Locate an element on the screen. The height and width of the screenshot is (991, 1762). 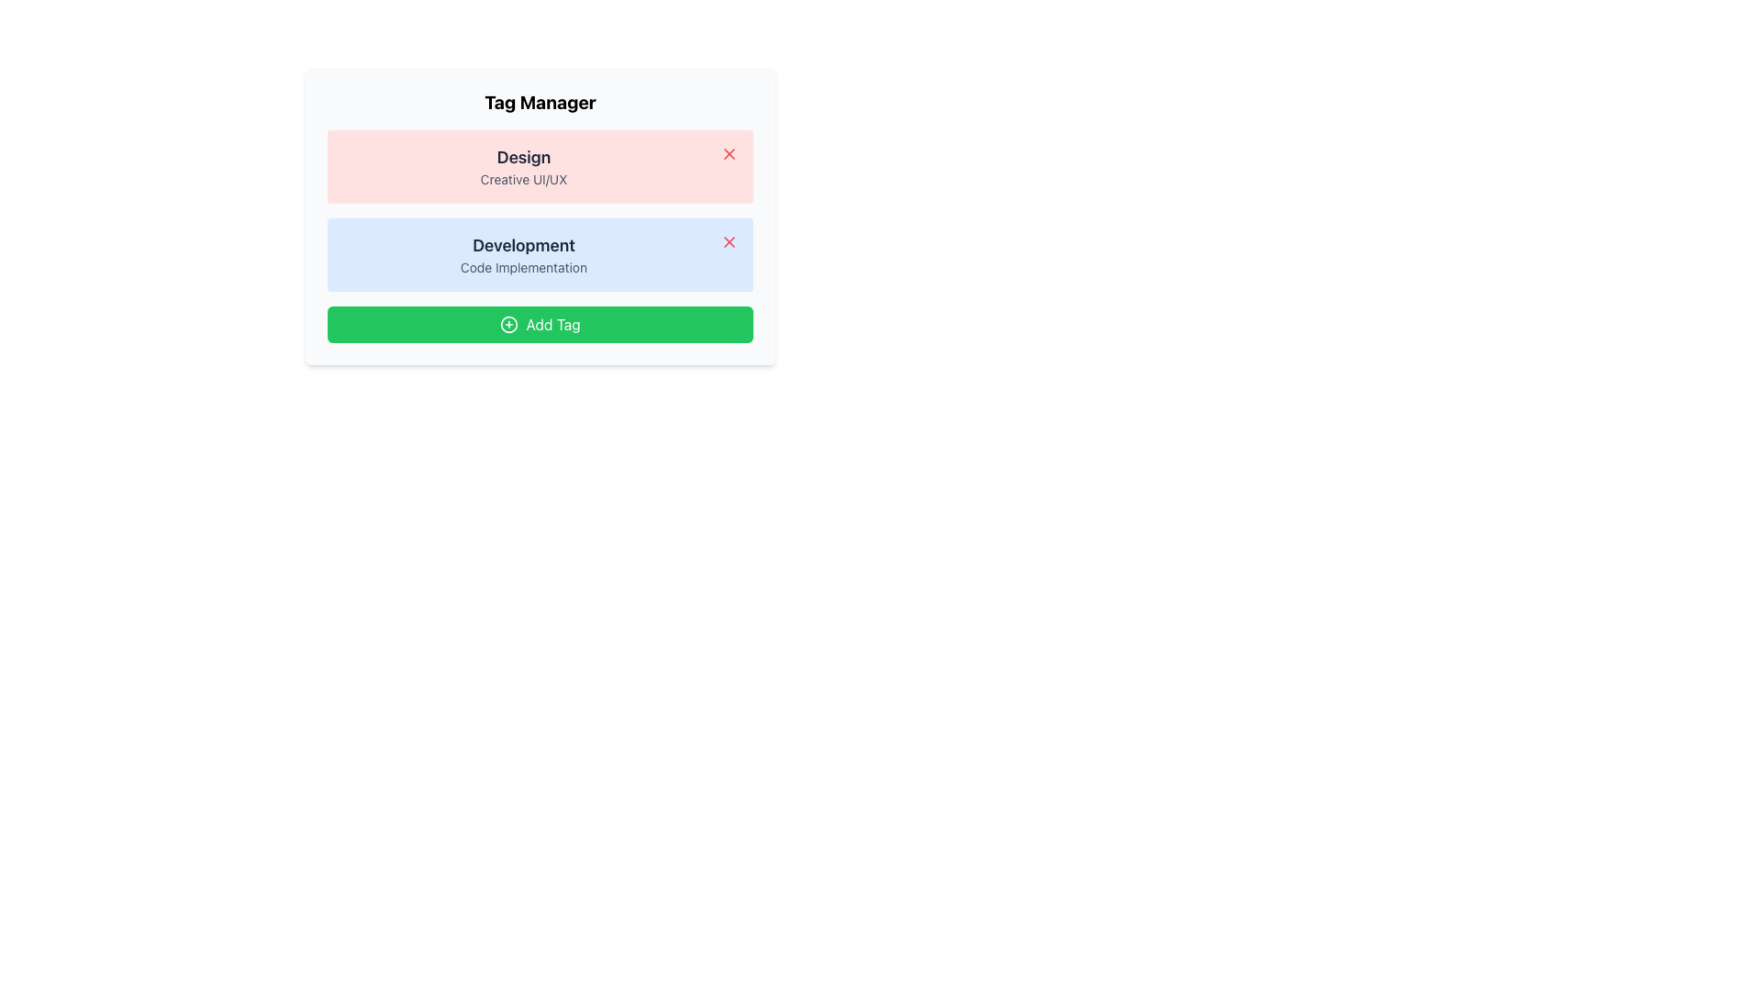
text element styled as 'Design' with a large and bold font at the top-center of the display area is located at coordinates (523, 157).